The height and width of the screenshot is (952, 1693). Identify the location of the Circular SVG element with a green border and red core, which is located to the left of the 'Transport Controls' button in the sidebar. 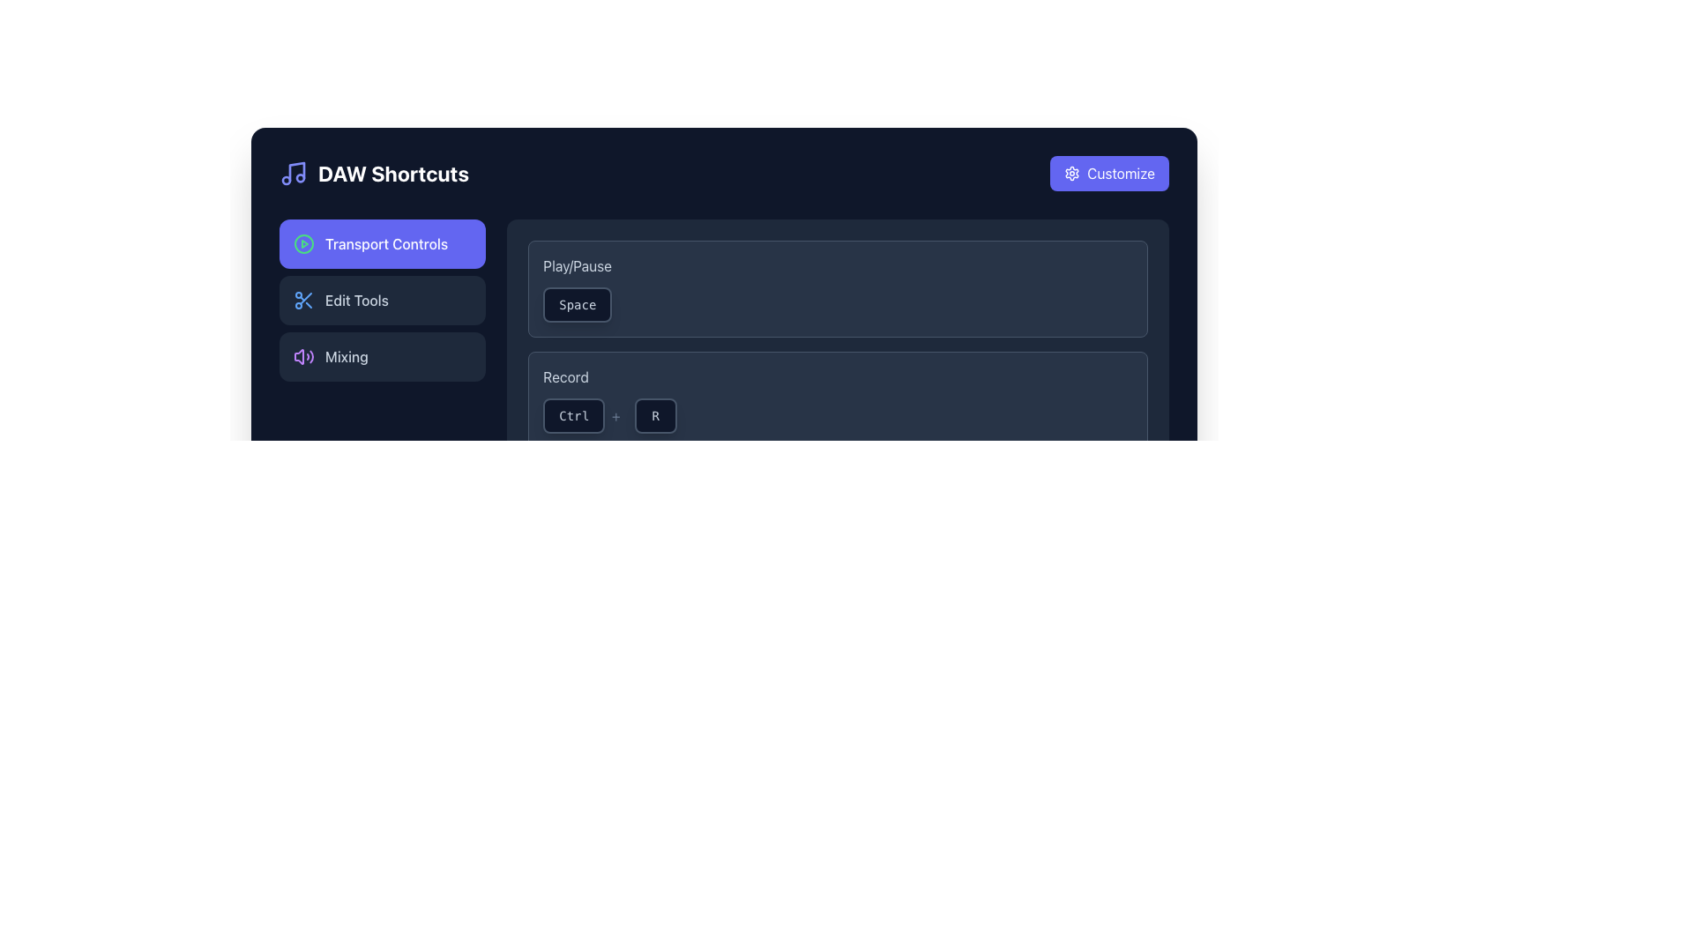
(304, 244).